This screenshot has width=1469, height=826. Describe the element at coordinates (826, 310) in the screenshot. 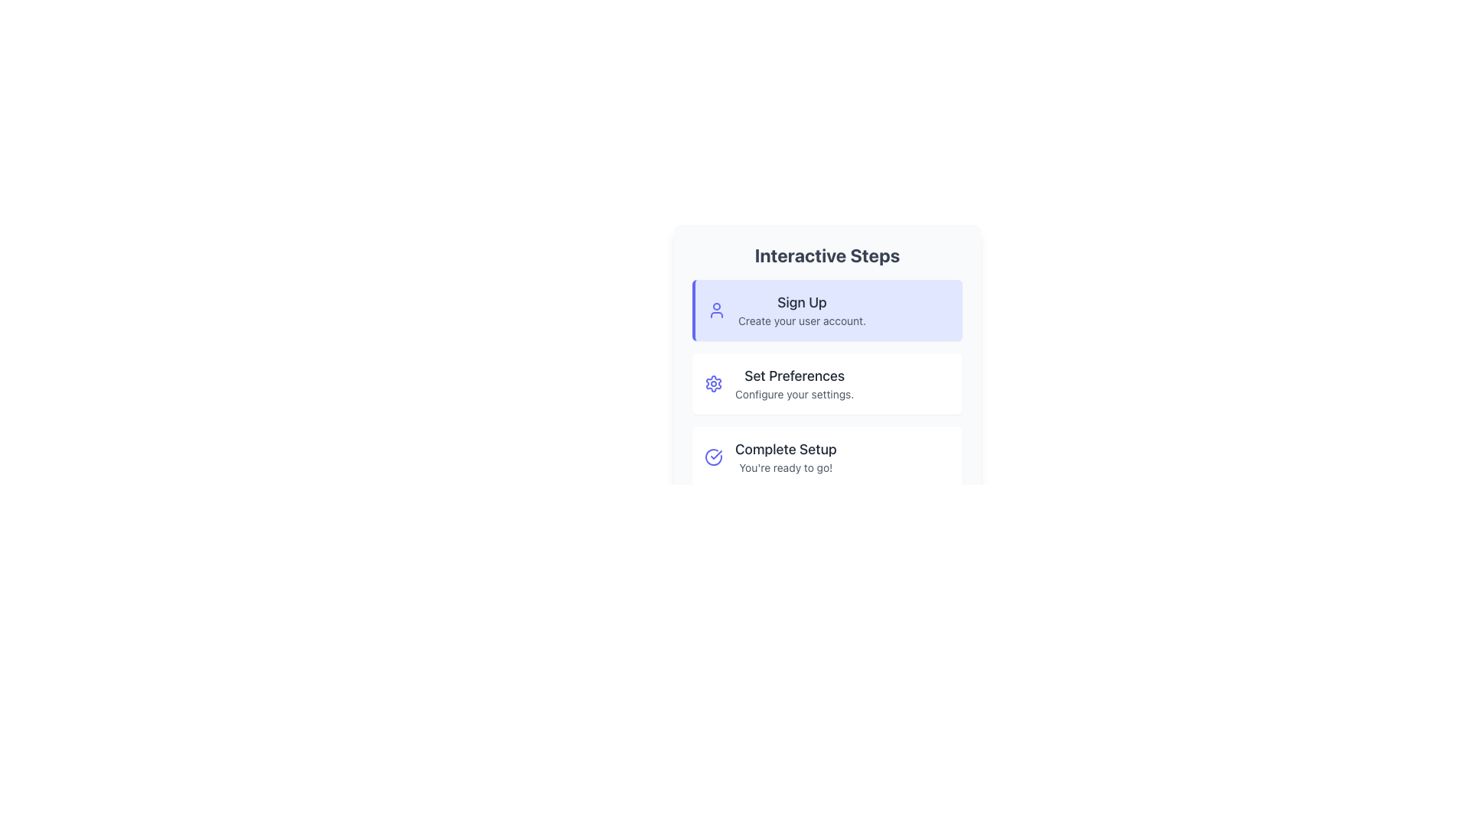

I see `text content of the first List Item in the Interactive Steps section, which has a light indigo background and contains the title 'Sign Up' followed by the text 'Create your user account.'` at that location.